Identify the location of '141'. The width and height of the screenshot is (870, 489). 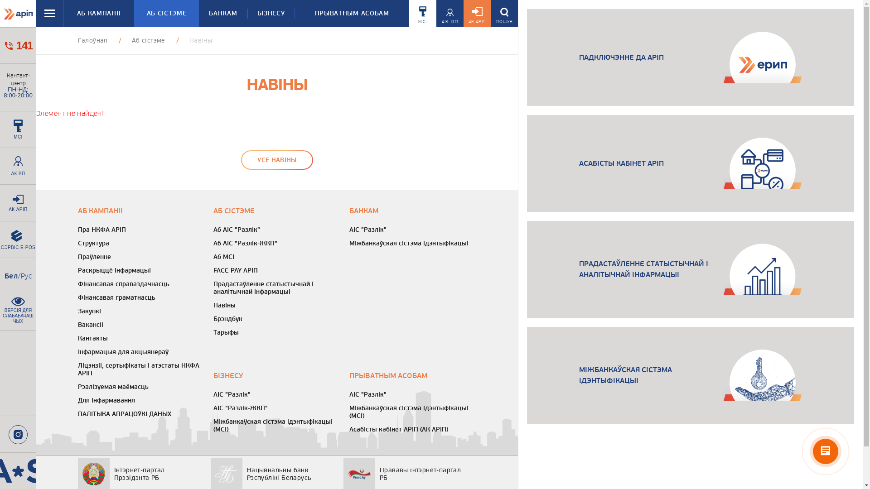
(18, 45).